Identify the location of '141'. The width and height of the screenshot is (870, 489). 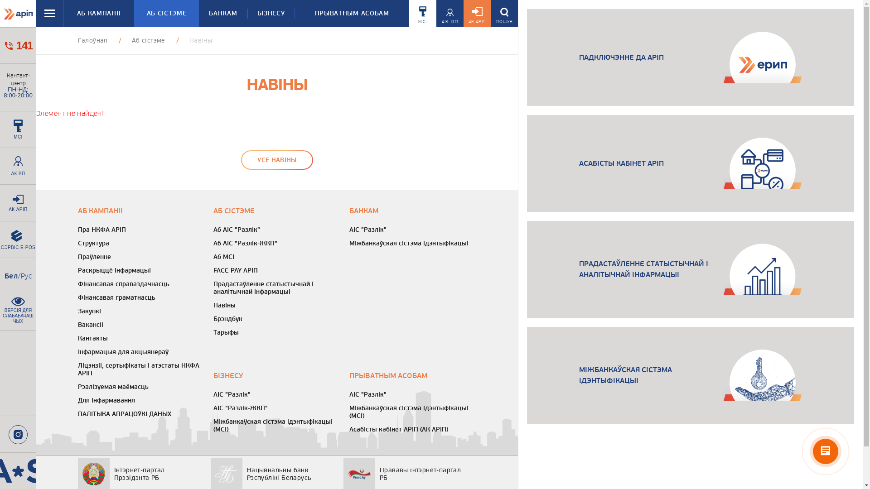
(18, 45).